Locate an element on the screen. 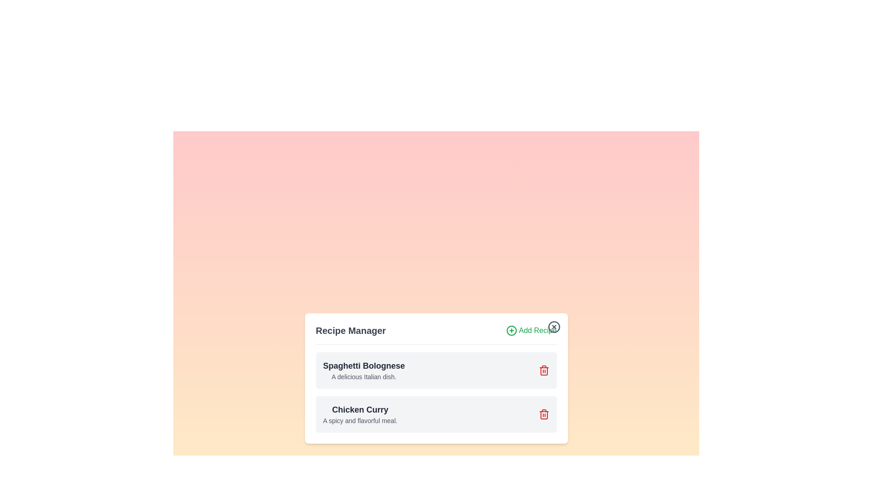 Image resolution: width=878 pixels, height=494 pixels. the bold textual label displaying 'Recipe Manager', which is styled prominently as a title and positioned near the top-left corner of its containing section is located at coordinates (350, 330).